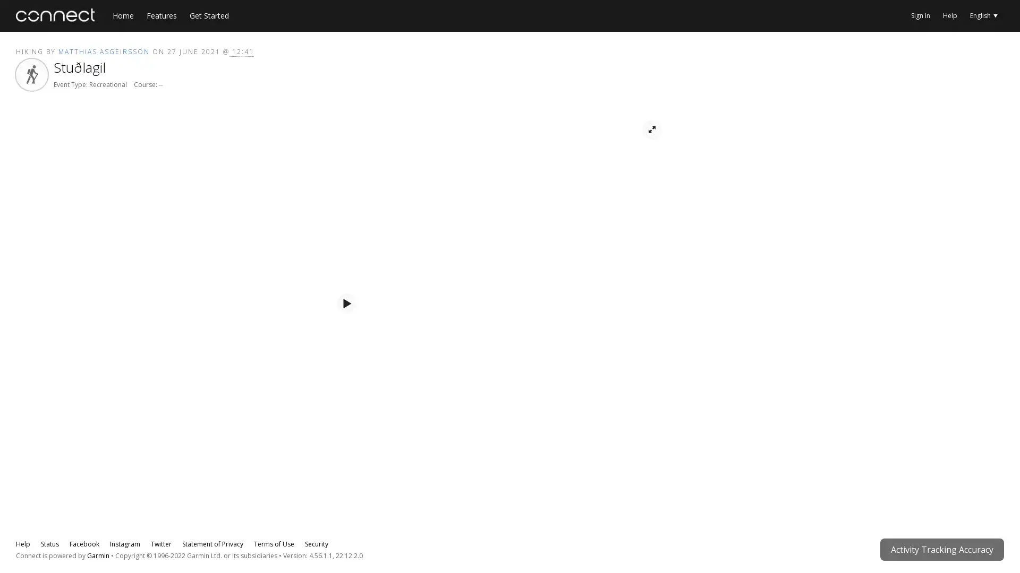  Describe the element at coordinates (50, 159) in the screenshot. I see `Zoom Out` at that location.